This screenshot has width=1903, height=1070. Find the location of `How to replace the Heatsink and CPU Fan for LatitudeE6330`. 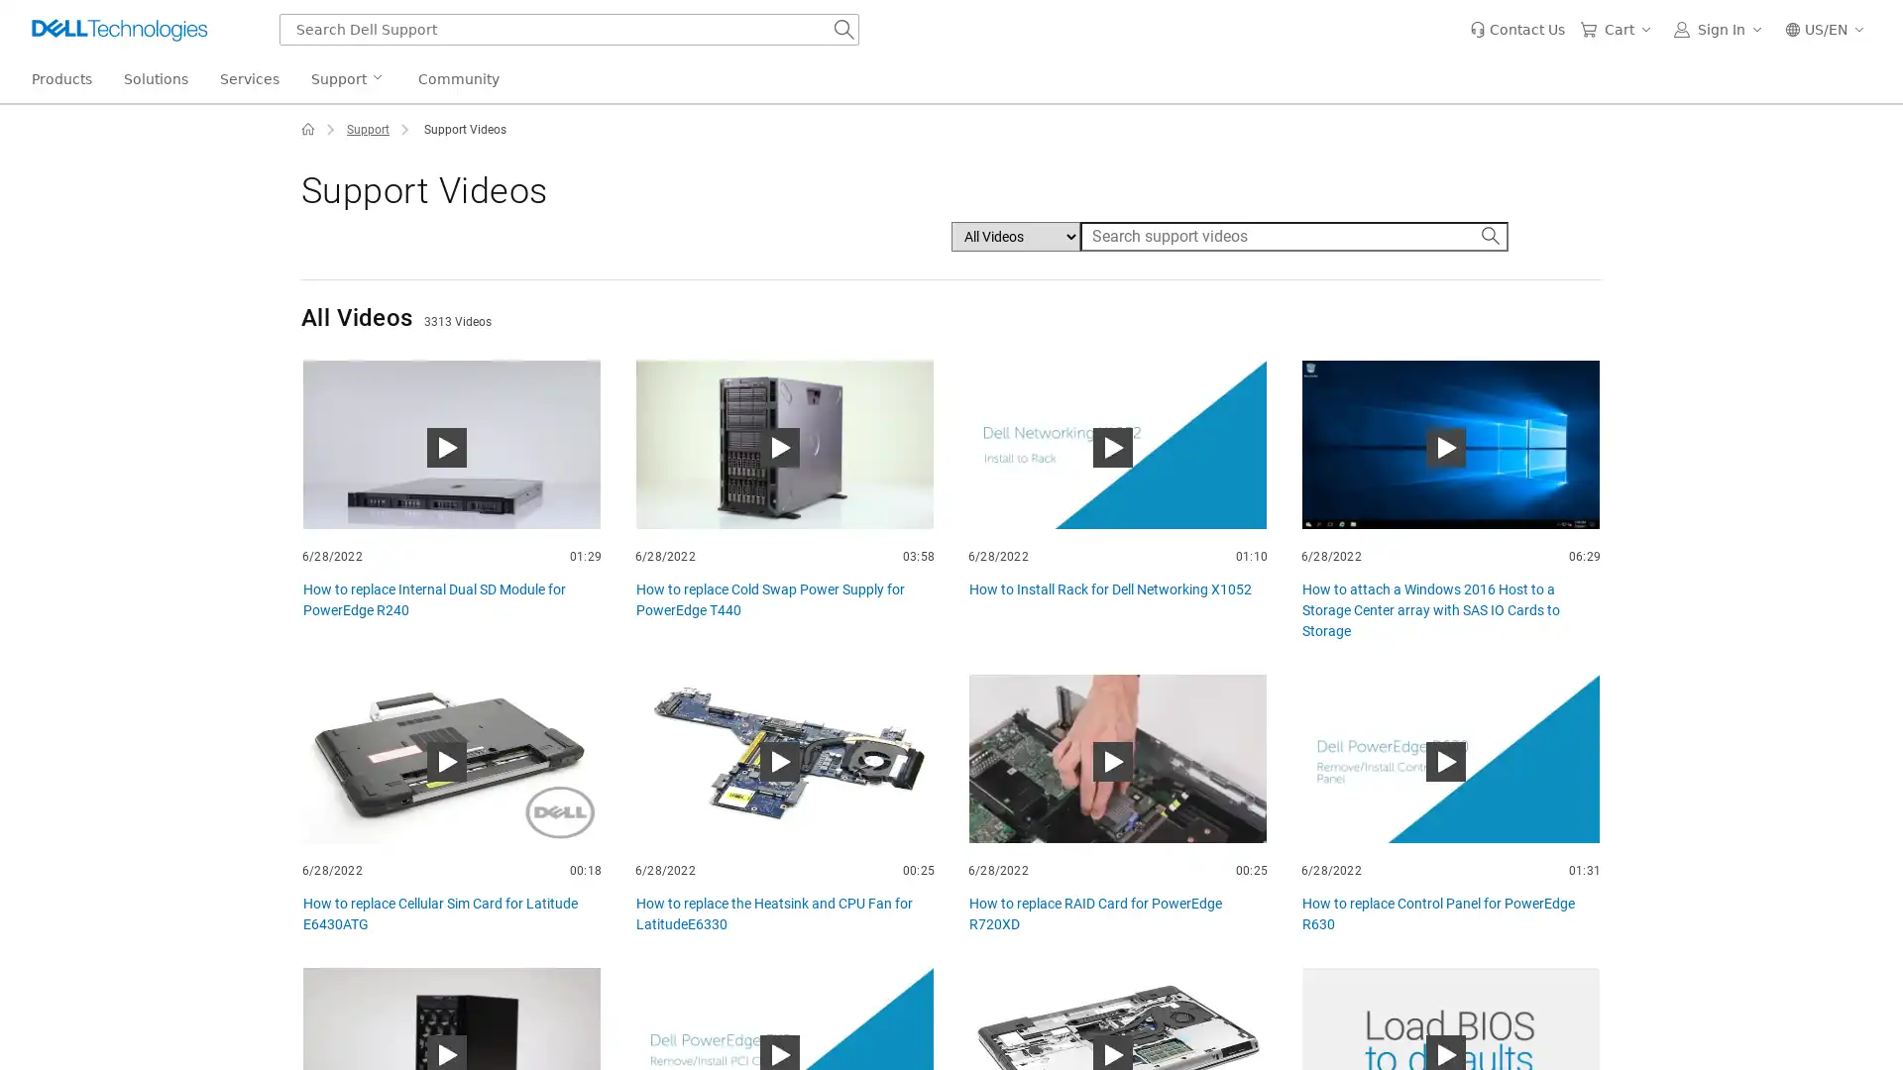

How to replace the Heatsink and CPU Fan for LatitudeE6330 is located at coordinates (784, 913).